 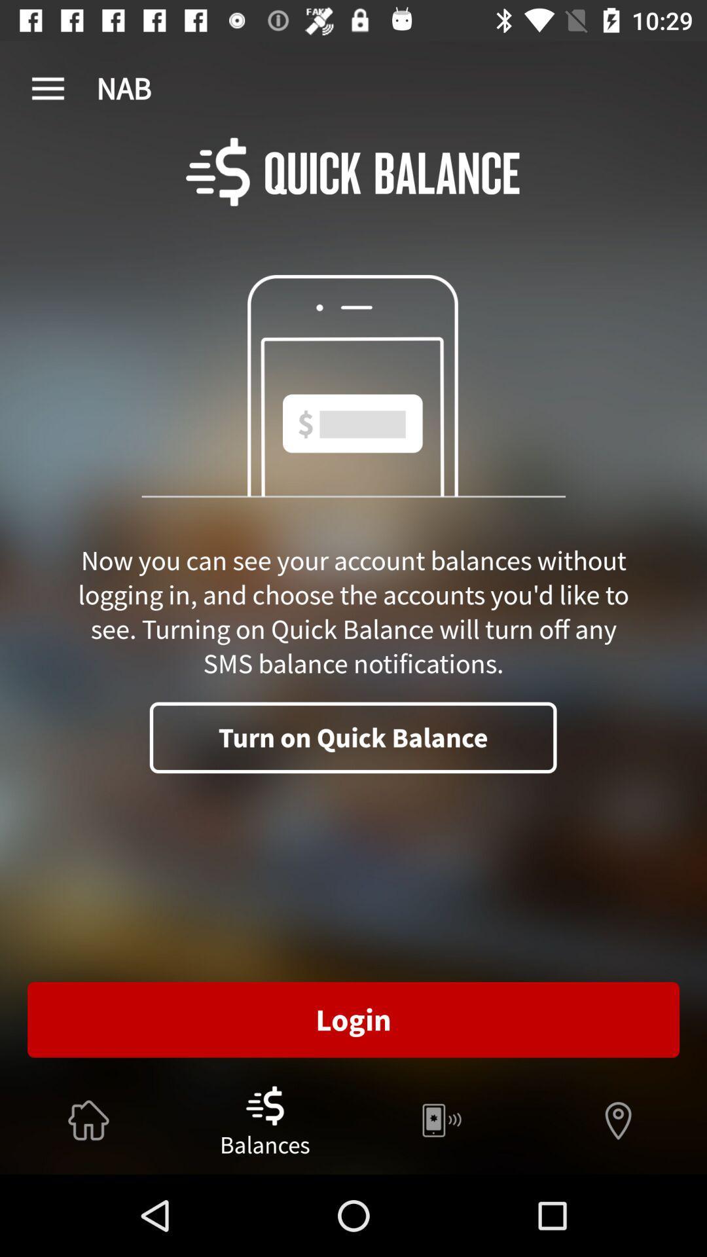 I want to click on the login button, so click(x=353, y=1019).